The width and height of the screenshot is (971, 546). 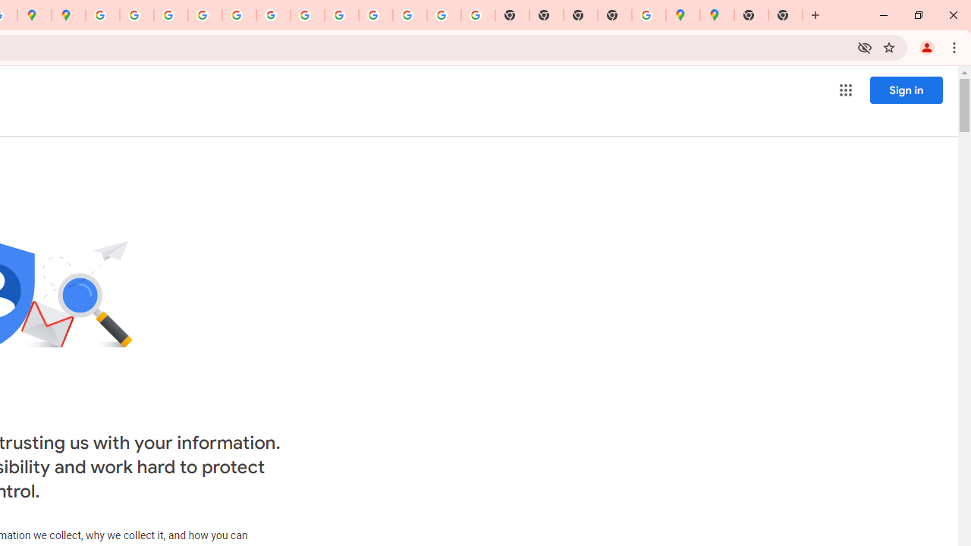 I want to click on 'New Tab', so click(x=614, y=15).